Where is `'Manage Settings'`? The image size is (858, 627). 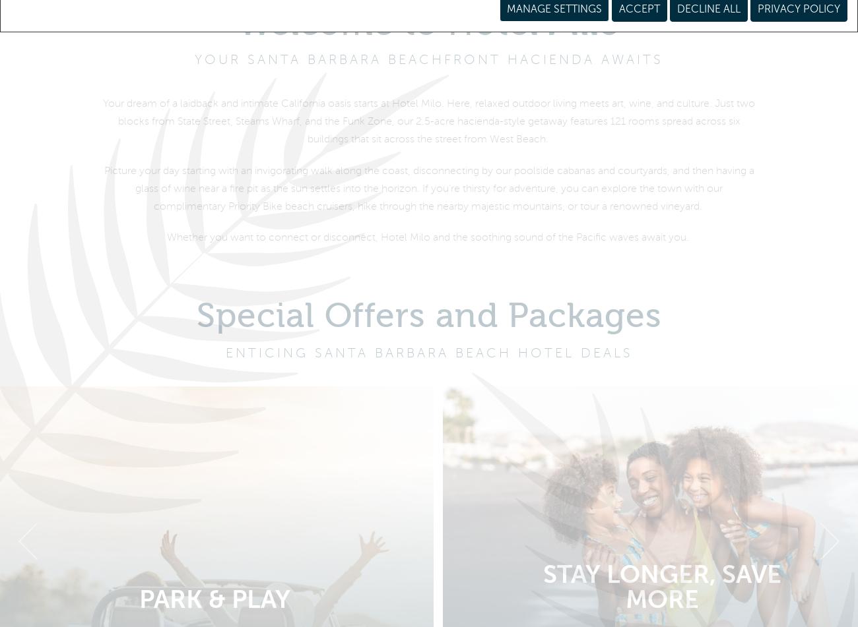
'Manage Settings' is located at coordinates (554, 8).